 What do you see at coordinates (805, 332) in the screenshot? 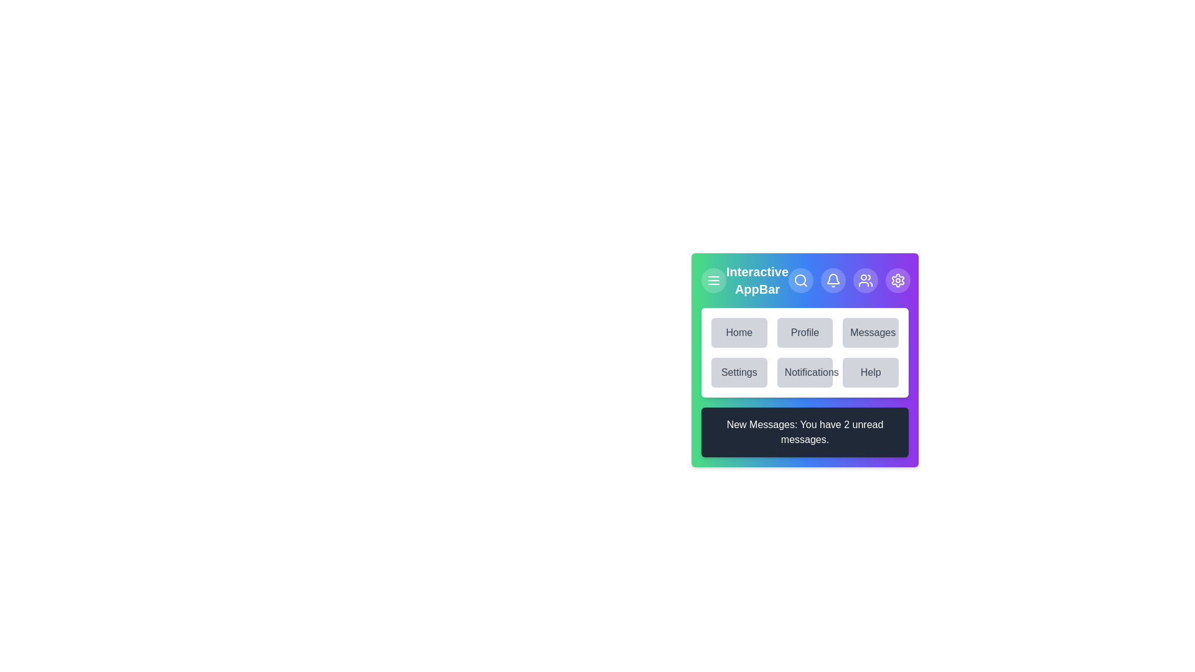
I see `the menu item labeled Profile to navigate` at bounding box center [805, 332].